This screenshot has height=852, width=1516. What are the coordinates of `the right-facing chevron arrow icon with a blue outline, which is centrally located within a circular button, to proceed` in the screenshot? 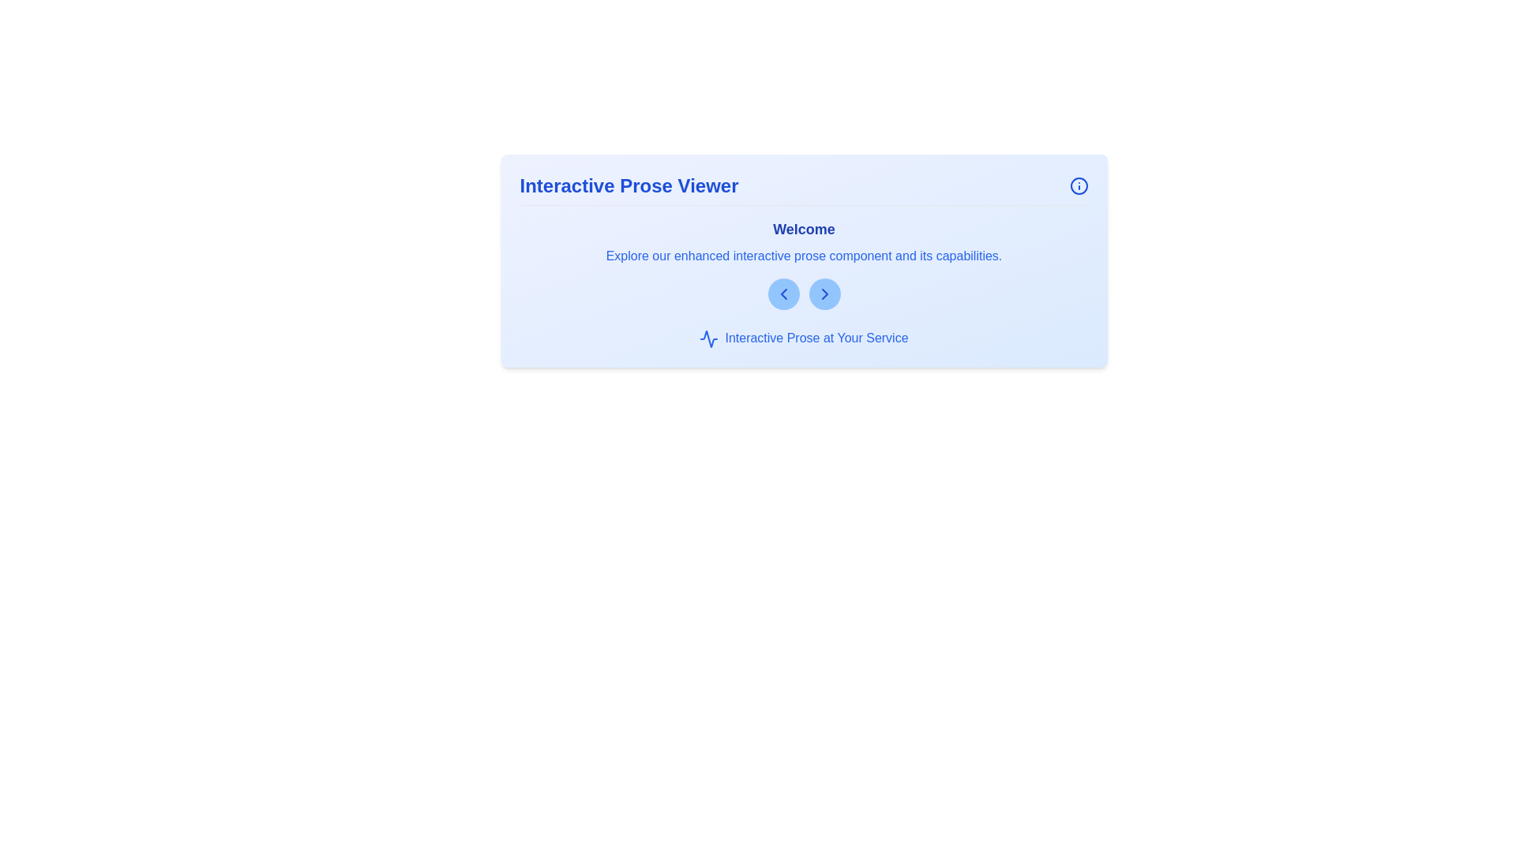 It's located at (824, 294).